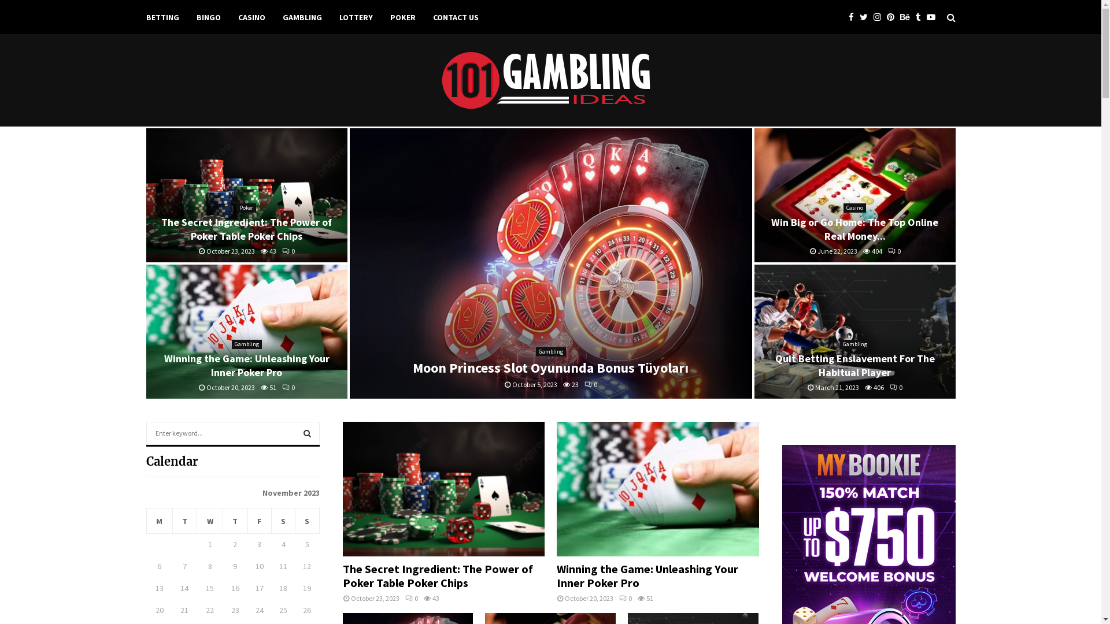  I want to click on 'The Secret Ingredient: The Power of Poker Table Poker Chips', so click(246, 195).